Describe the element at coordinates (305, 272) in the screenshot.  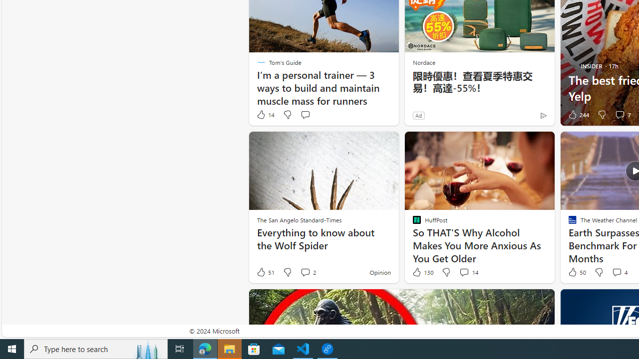
I see `'View comments 2 Comment'` at that location.